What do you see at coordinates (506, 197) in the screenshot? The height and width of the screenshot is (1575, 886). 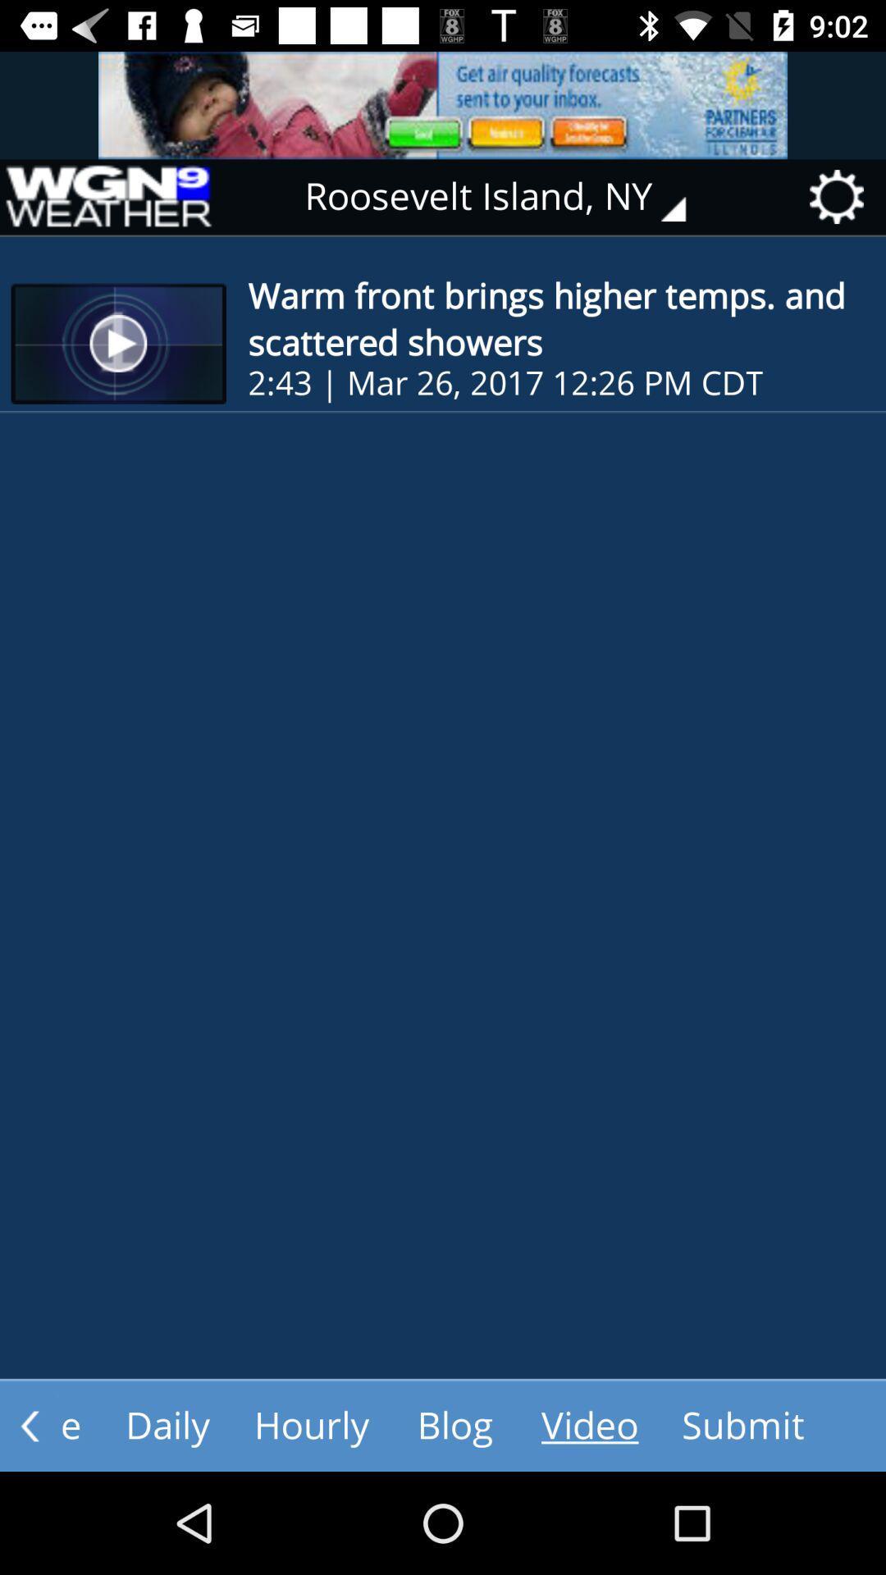 I see `the immediate text which is left to the setting icon` at bounding box center [506, 197].